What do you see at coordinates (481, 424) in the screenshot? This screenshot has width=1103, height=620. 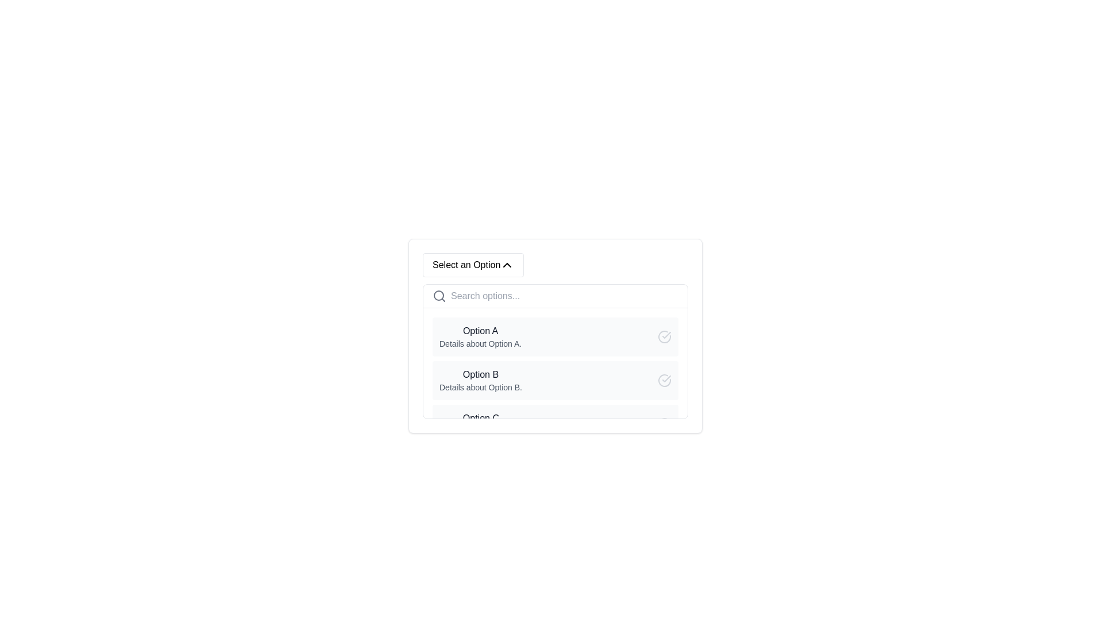 I see `the selectable option labeled 'Option C' within the dropdown menu titled 'Select an Option'` at bounding box center [481, 424].